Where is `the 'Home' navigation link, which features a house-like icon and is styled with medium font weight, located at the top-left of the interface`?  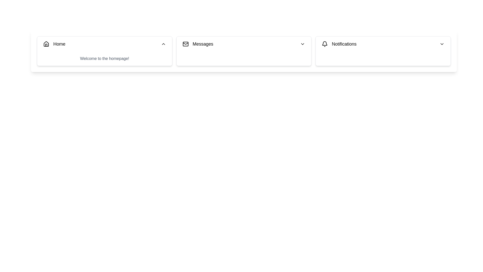
the 'Home' navigation link, which features a house-like icon and is styled with medium font weight, located at the top-left of the interface is located at coordinates (54, 44).